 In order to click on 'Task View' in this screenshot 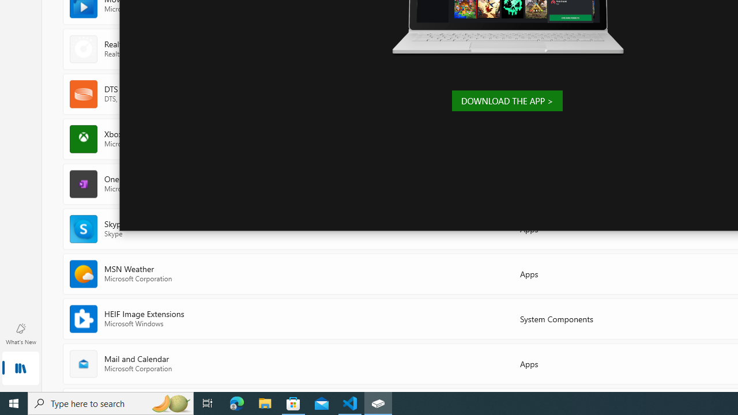, I will do `click(207, 402)`.